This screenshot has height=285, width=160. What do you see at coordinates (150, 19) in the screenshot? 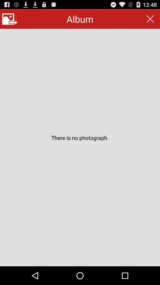
I see `exit` at bounding box center [150, 19].